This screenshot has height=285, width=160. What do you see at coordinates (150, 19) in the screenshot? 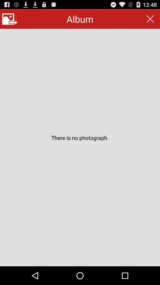
I see `exit` at bounding box center [150, 19].